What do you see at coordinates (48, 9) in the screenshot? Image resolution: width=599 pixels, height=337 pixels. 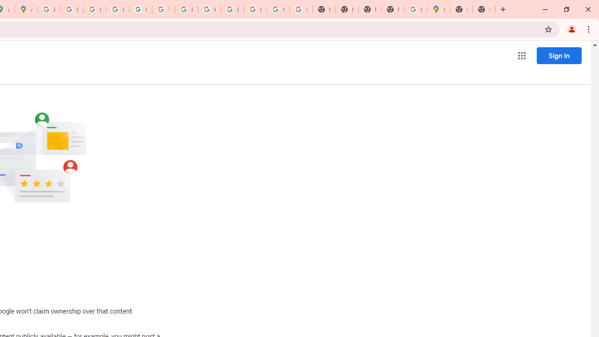 I see `'Policy Accountability and Transparency - Transparency Center'` at bounding box center [48, 9].